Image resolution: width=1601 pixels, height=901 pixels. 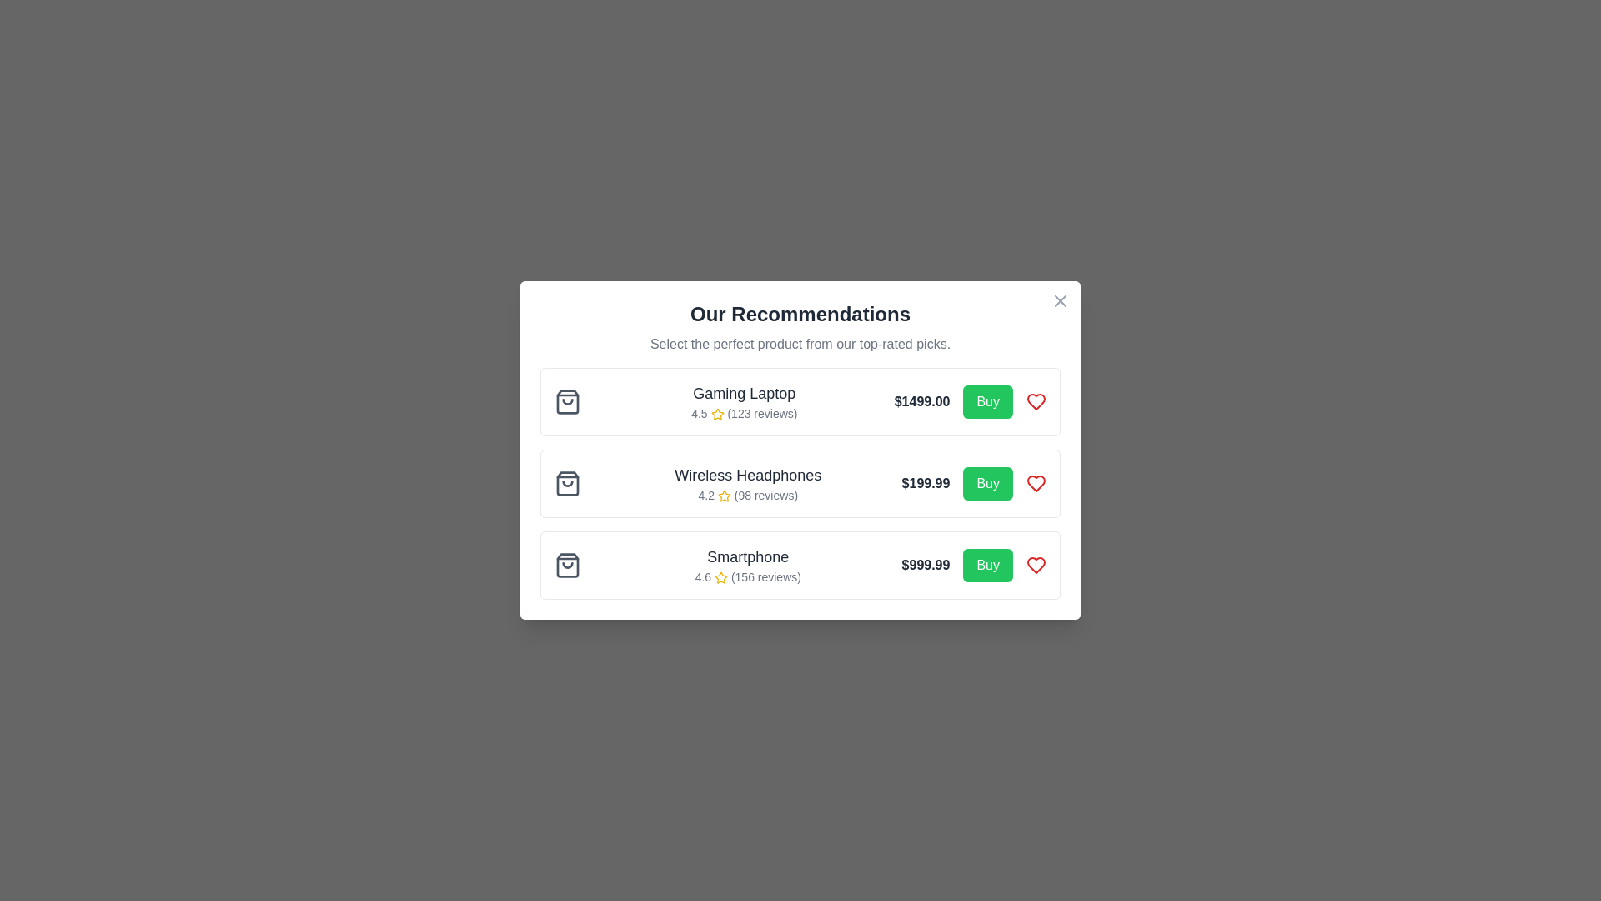 What do you see at coordinates (800, 565) in the screenshot?
I see `the Product recommendation card containing the 'Smartphone' details` at bounding box center [800, 565].